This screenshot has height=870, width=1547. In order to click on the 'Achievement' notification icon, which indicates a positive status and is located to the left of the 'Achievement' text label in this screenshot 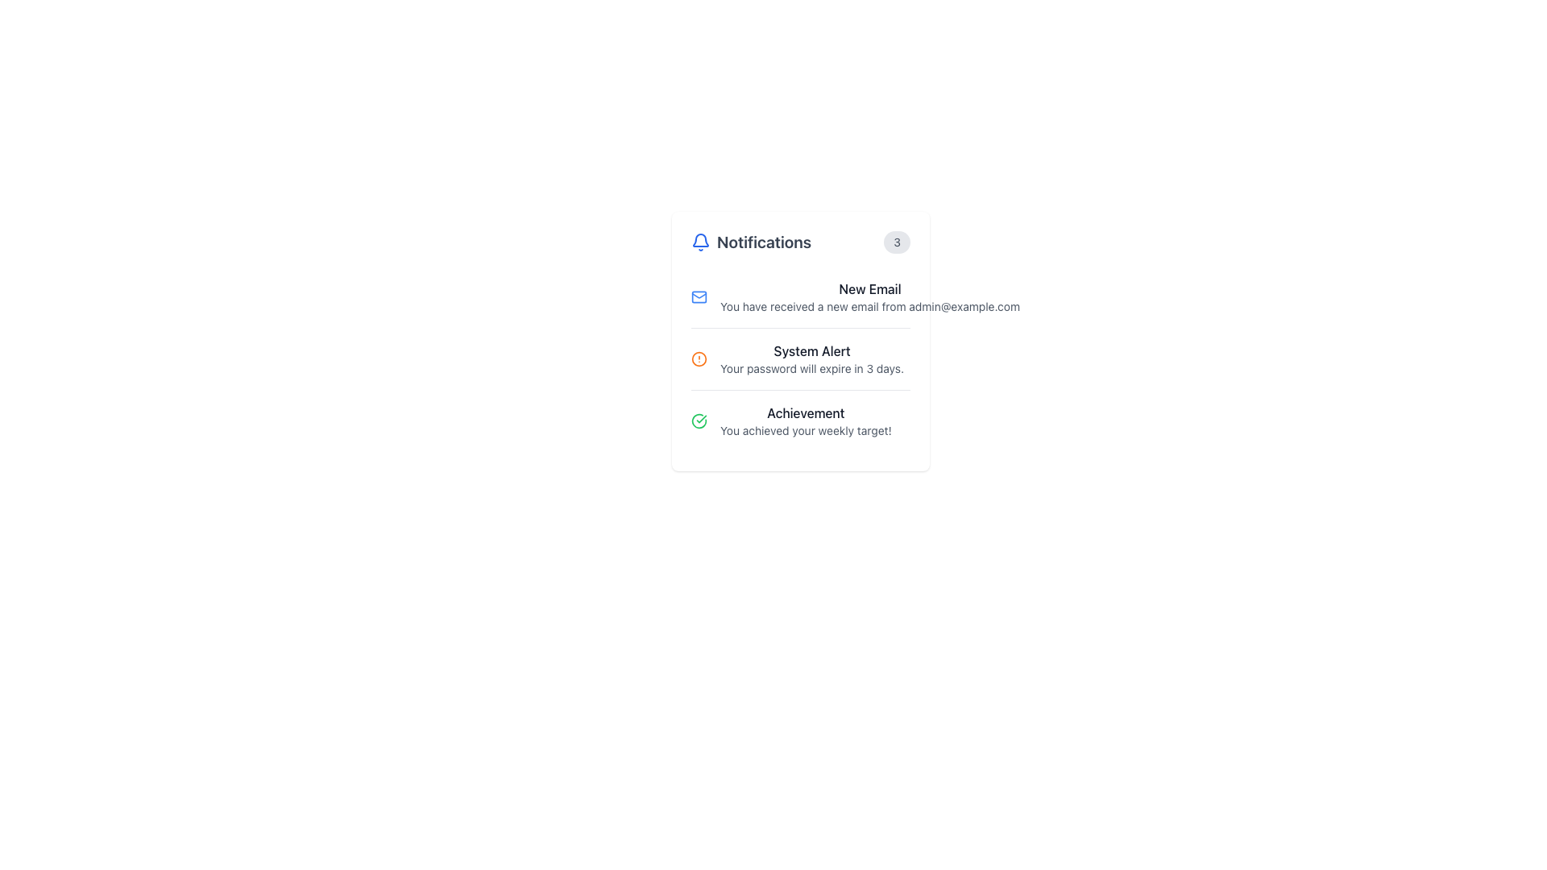, I will do `click(699, 420)`.